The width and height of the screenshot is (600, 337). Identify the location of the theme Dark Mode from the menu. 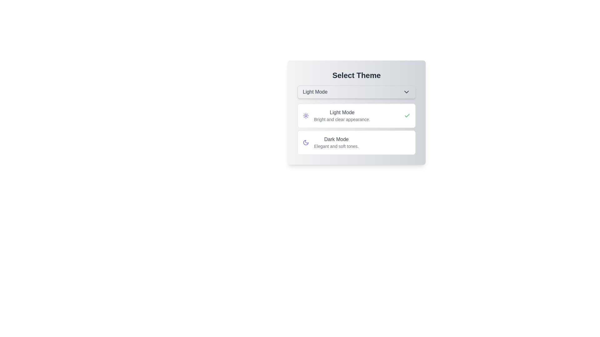
(357, 142).